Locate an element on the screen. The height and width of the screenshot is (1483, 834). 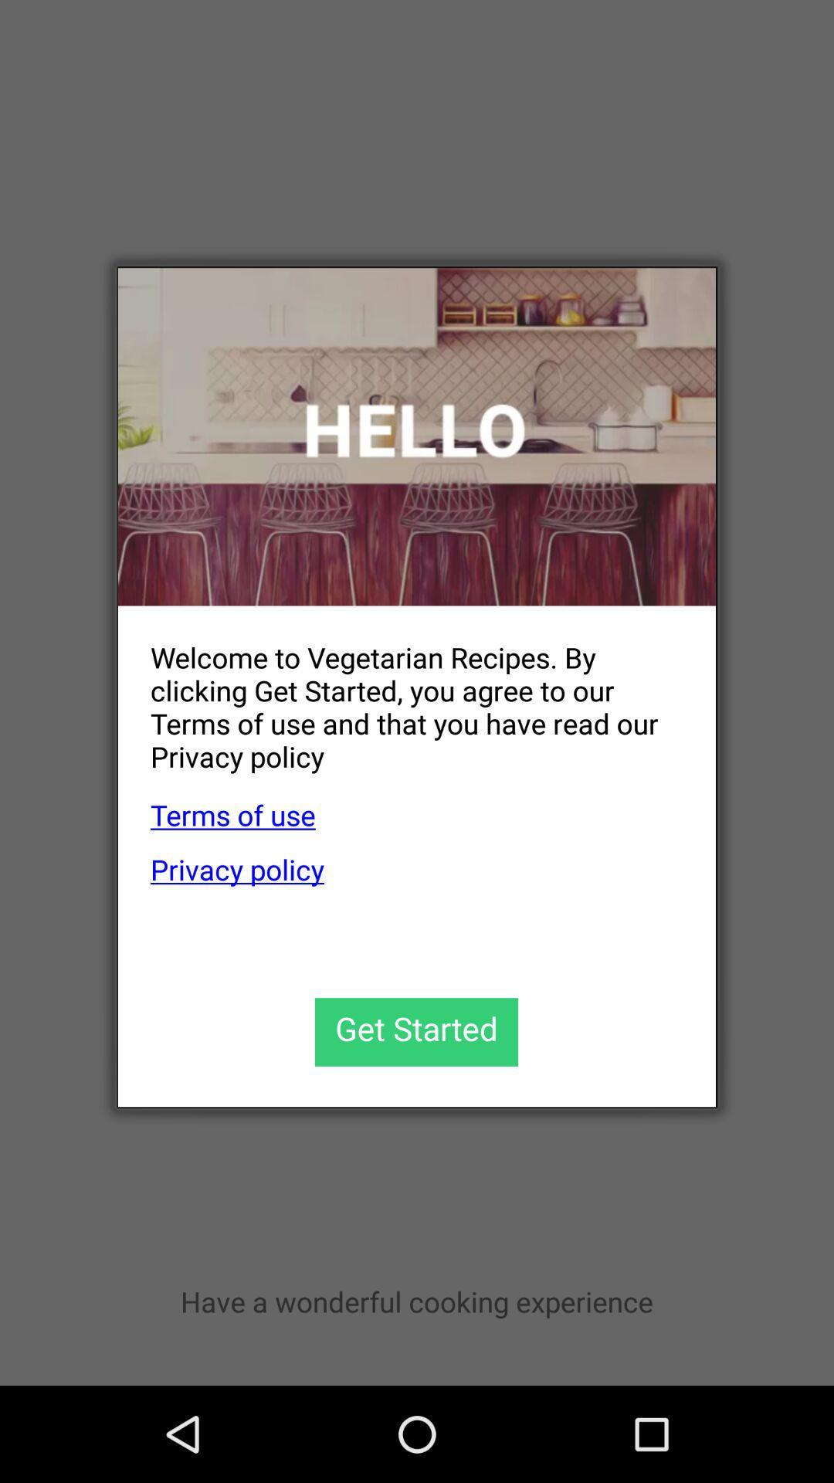
get started is located at coordinates (415, 1032).